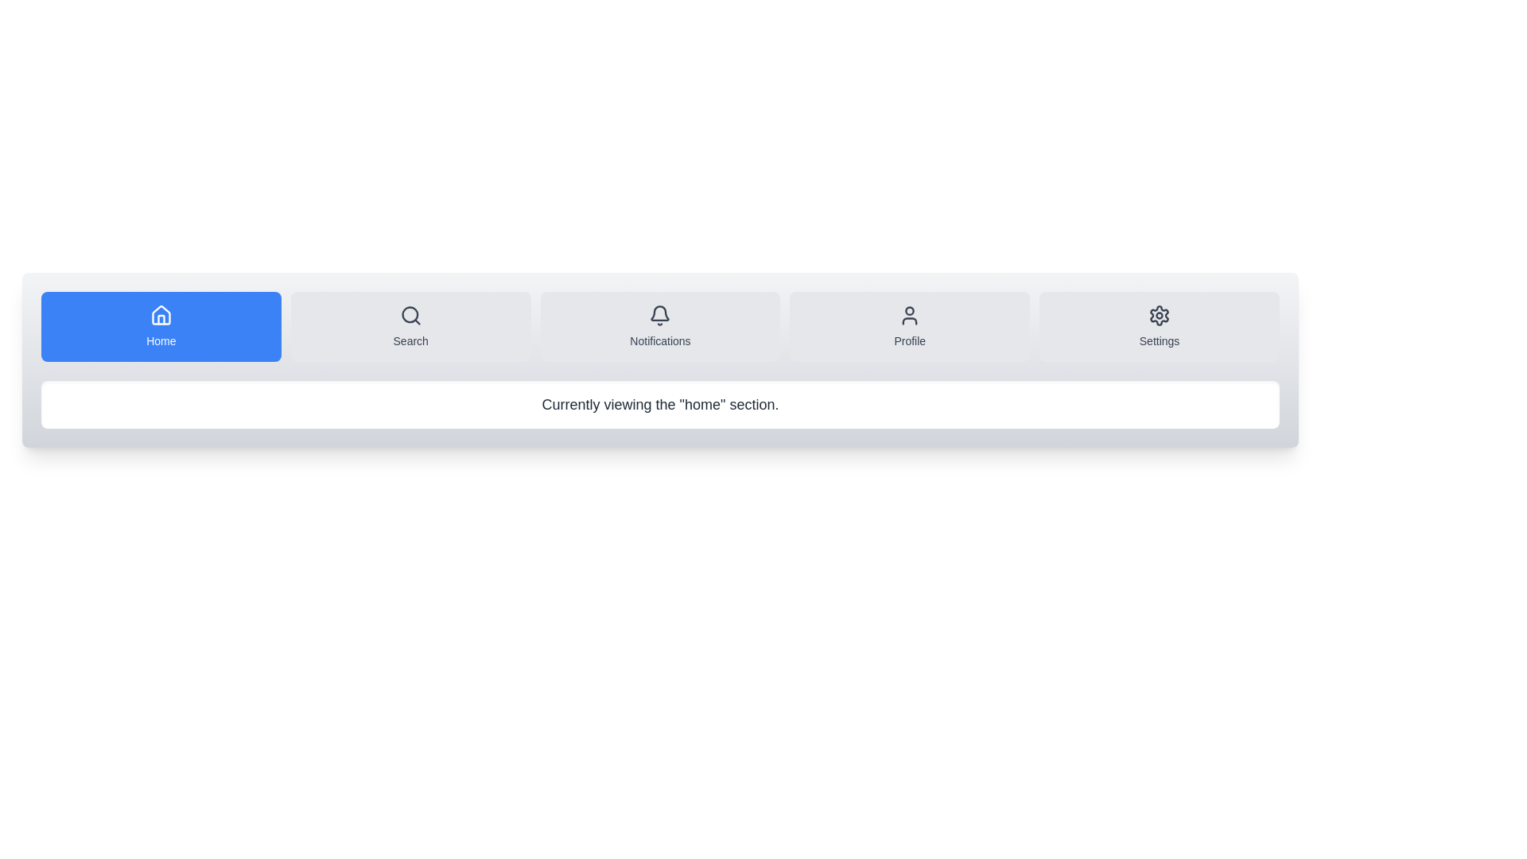 The height and width of the screenshot is (859, 1527). What do you see at coordinates (410, 316) in the screenshot?
I see `the magnifying glass icon located in the 'Search' section of the navigation bar, which is represented by a dark gray color against a light gray background` at bounding box center [410, 316].